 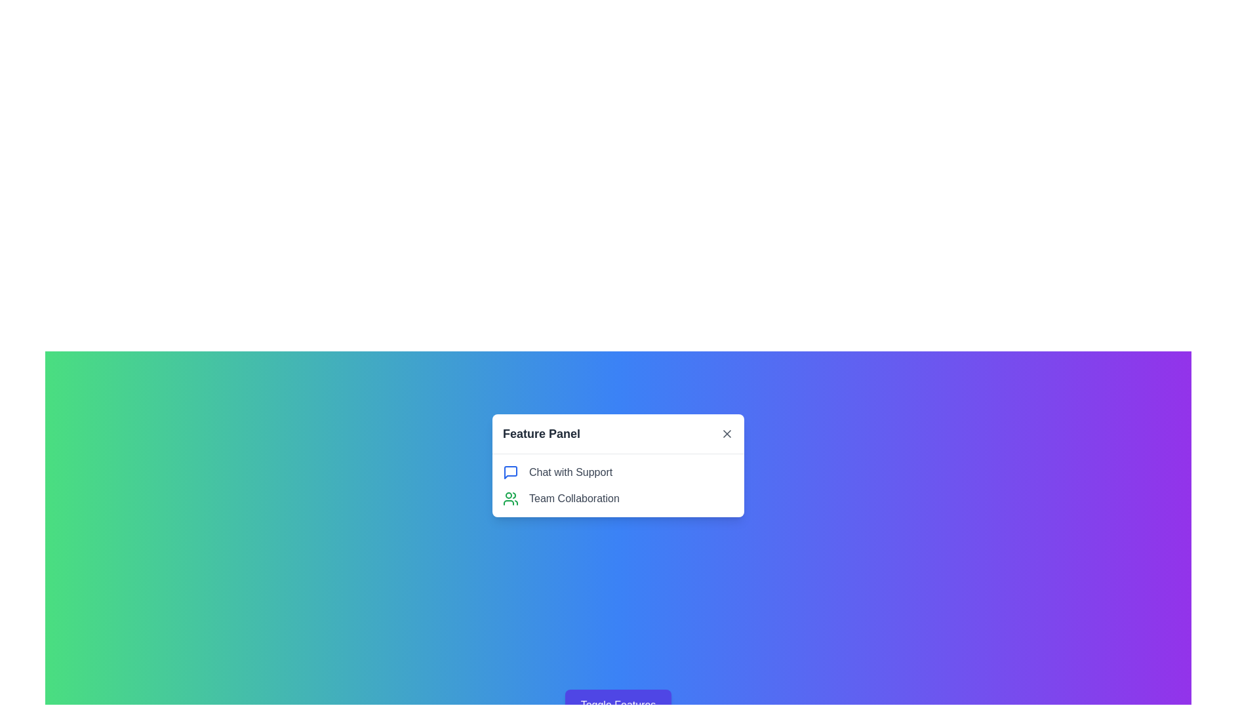 What do you see at coordinates (510, 498) in the screenshot?
I see `the green user group vector icon located to the left of the 'Team Collaboration' label in the lower center area of the interface` at bounding box center [510, 498].